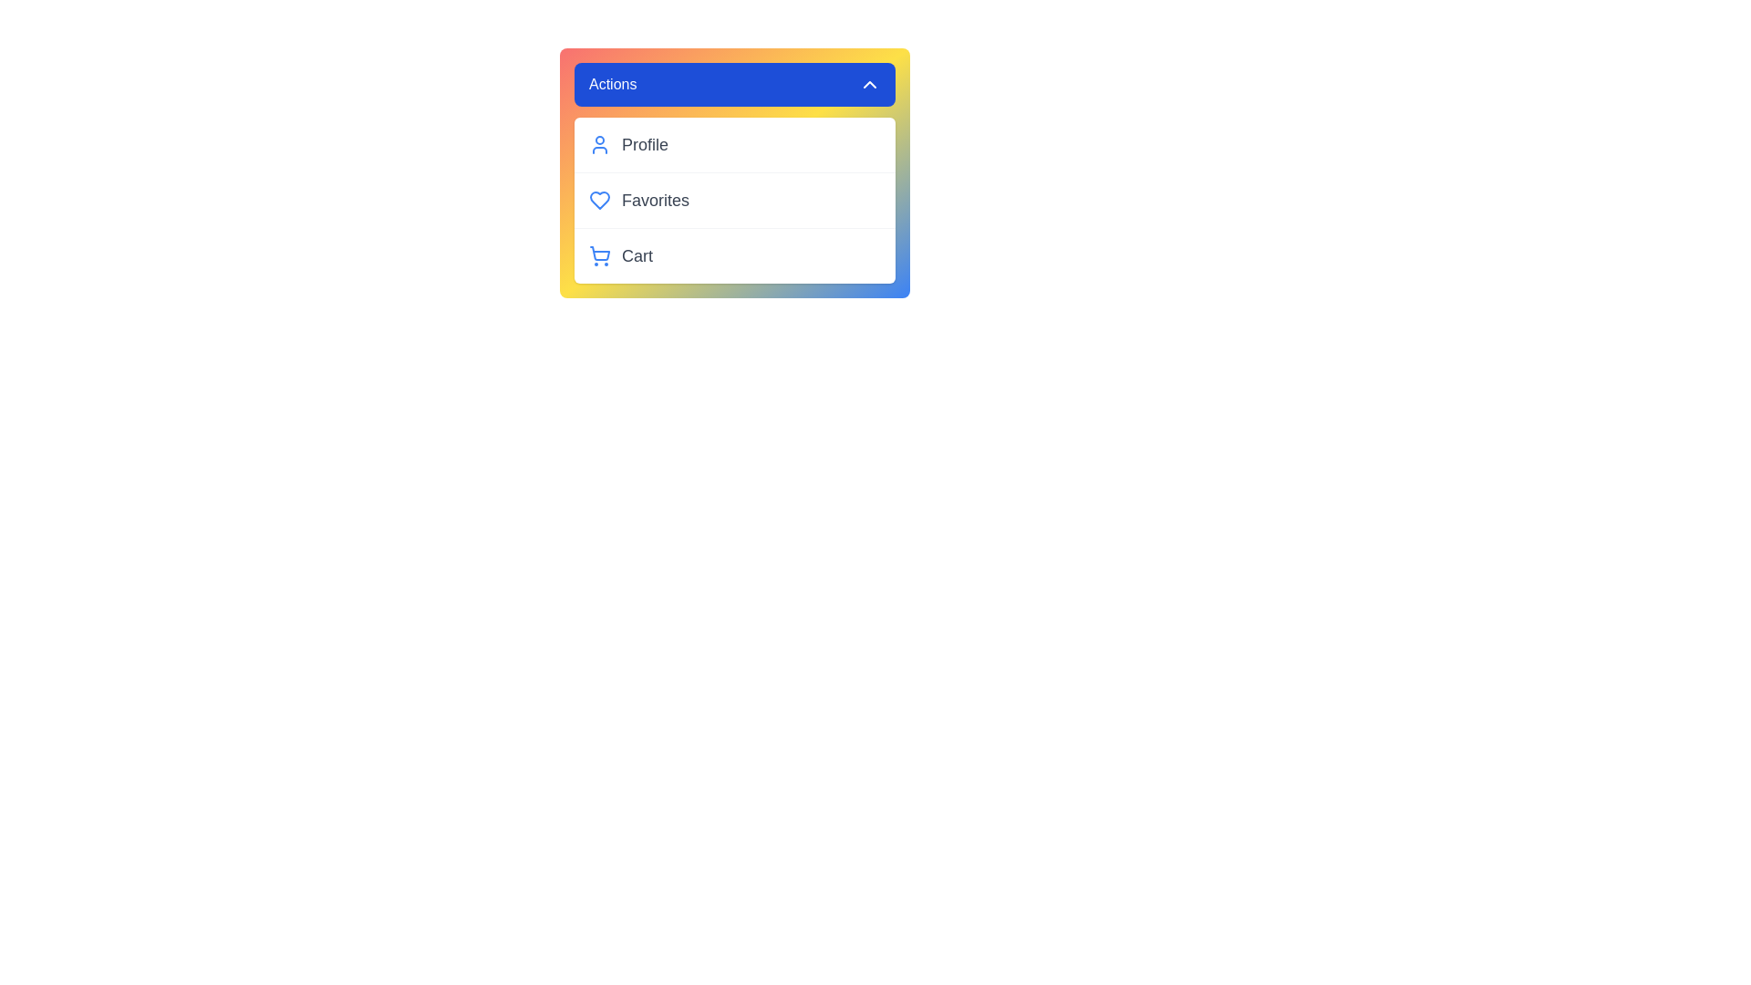  Describe the element at coordinates (735, 255) in the screenshot. I see `the 'Cart' menu item in the dropdown menu, which is the third item listed below 'Profile' and 'Favorites'` at that location.